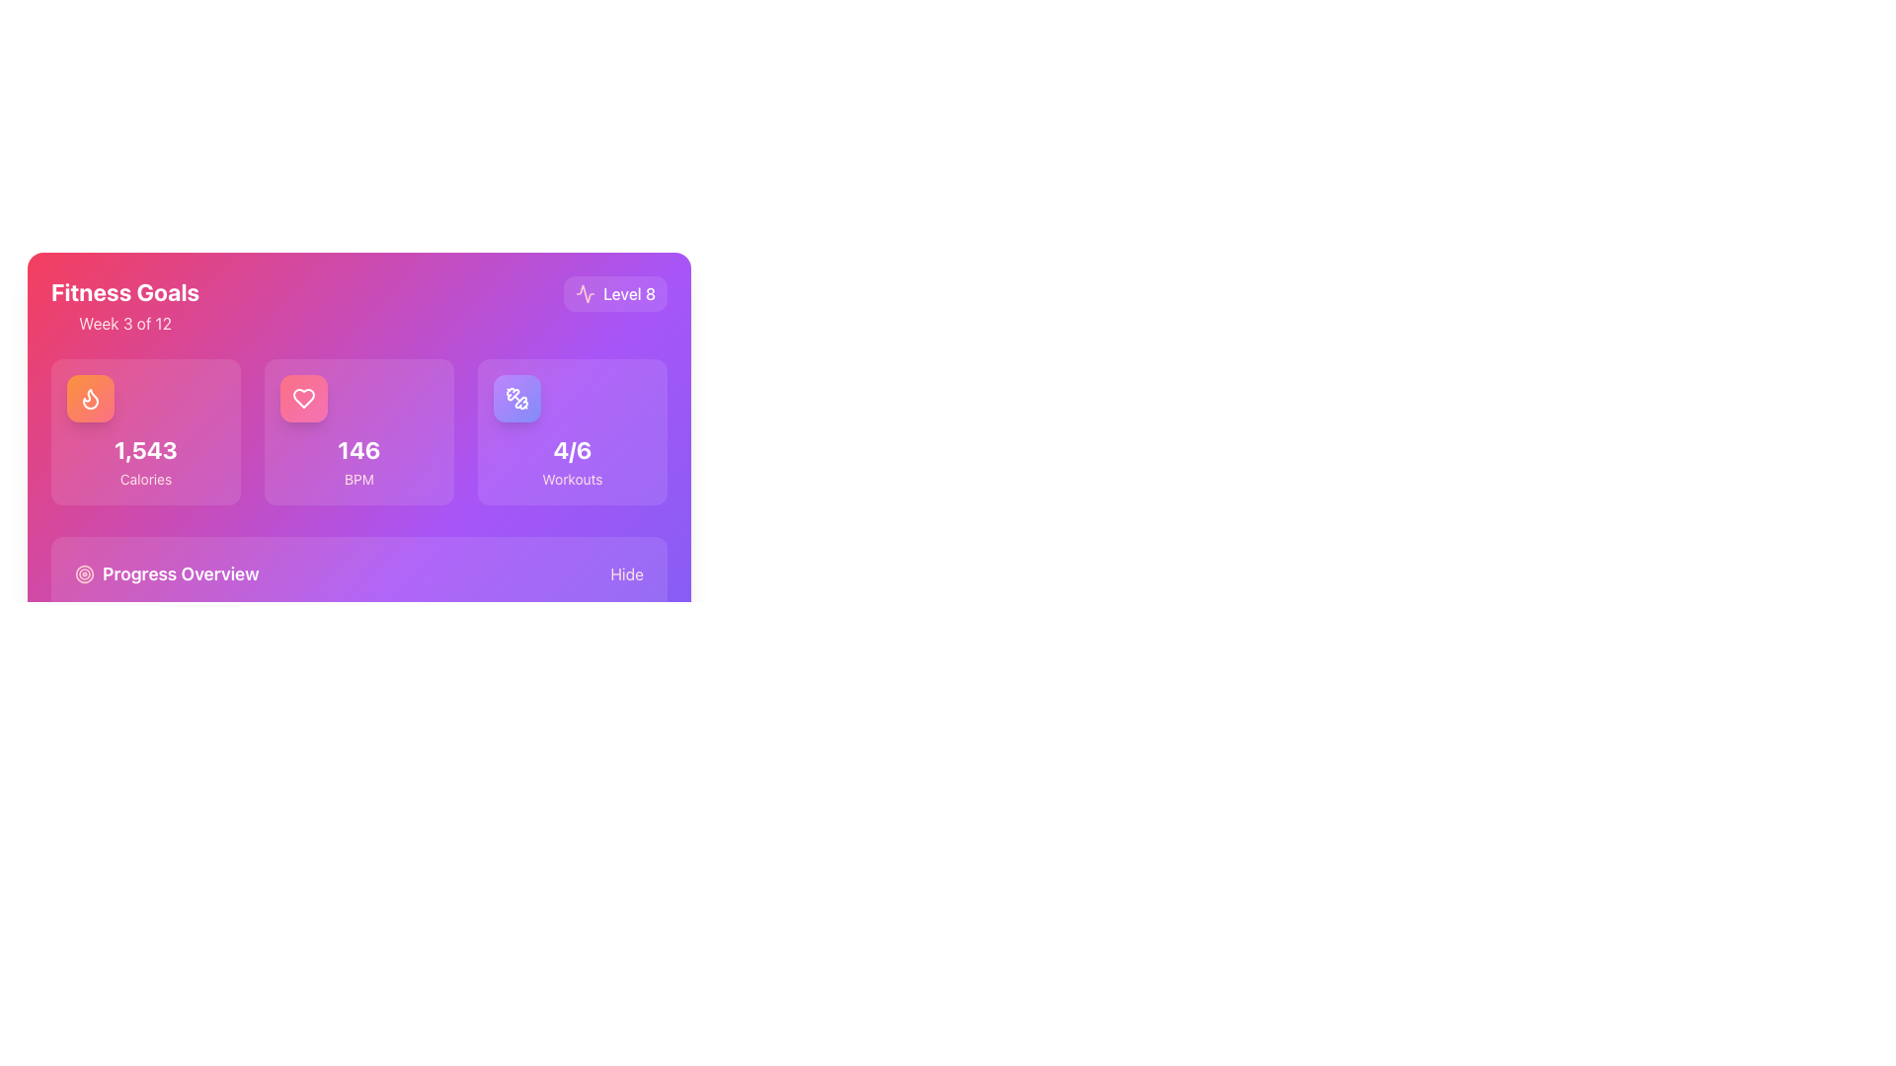 The height and width of the screenshot is (1066, 1896). I want to click on the heart icon representing the heart rate metric in the fitness dashboard, located in the second card labeled '146 BPM', so click(302, 399).